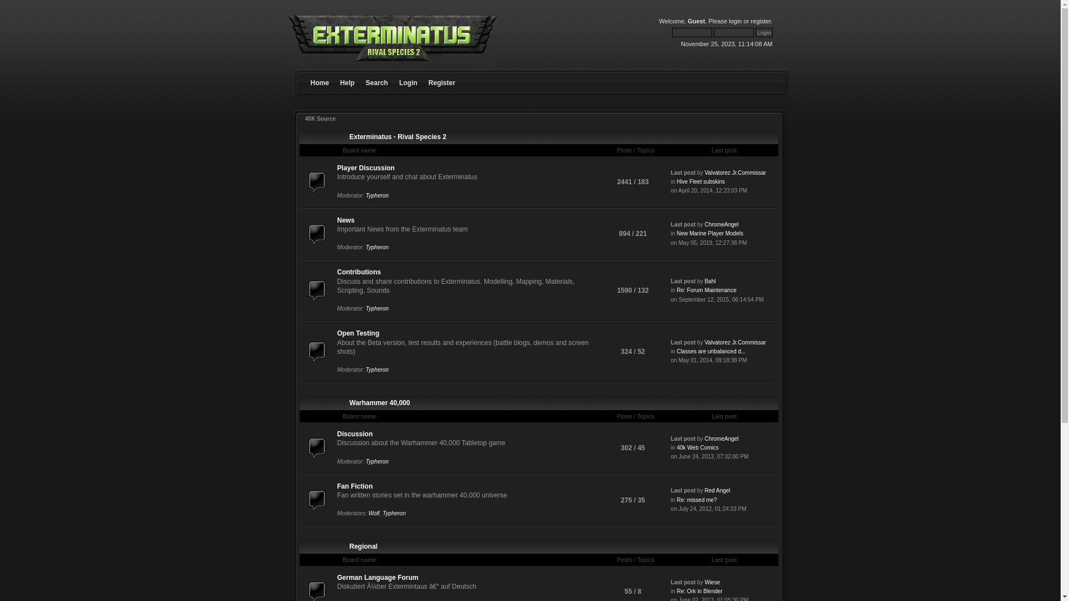 The image size is (1069, 601). Describe the element at coordinates (699, 590) in the screenshot. I see `'Re: Ork in Blender'` at that location.